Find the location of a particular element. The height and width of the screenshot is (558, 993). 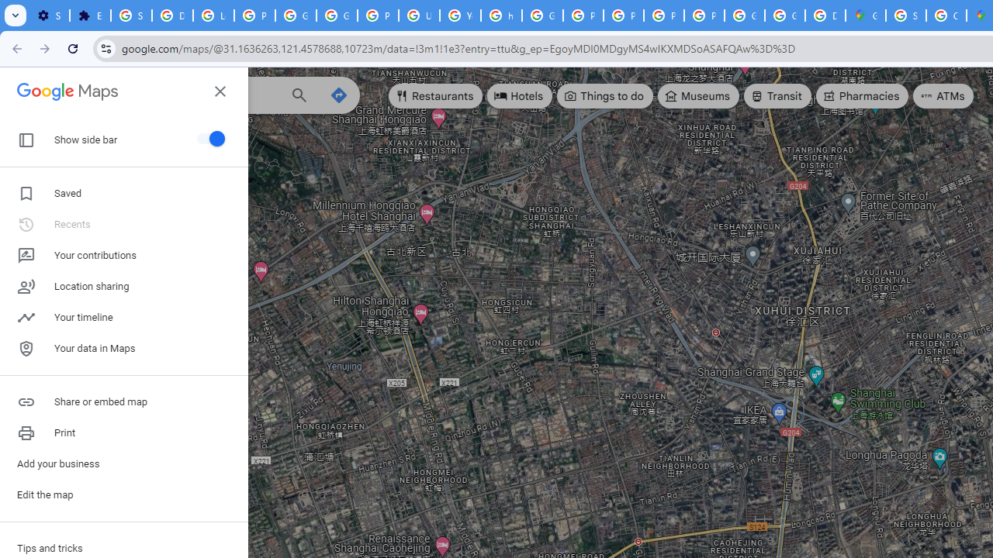

'Your timeline' is located at coordinates (124, 317).